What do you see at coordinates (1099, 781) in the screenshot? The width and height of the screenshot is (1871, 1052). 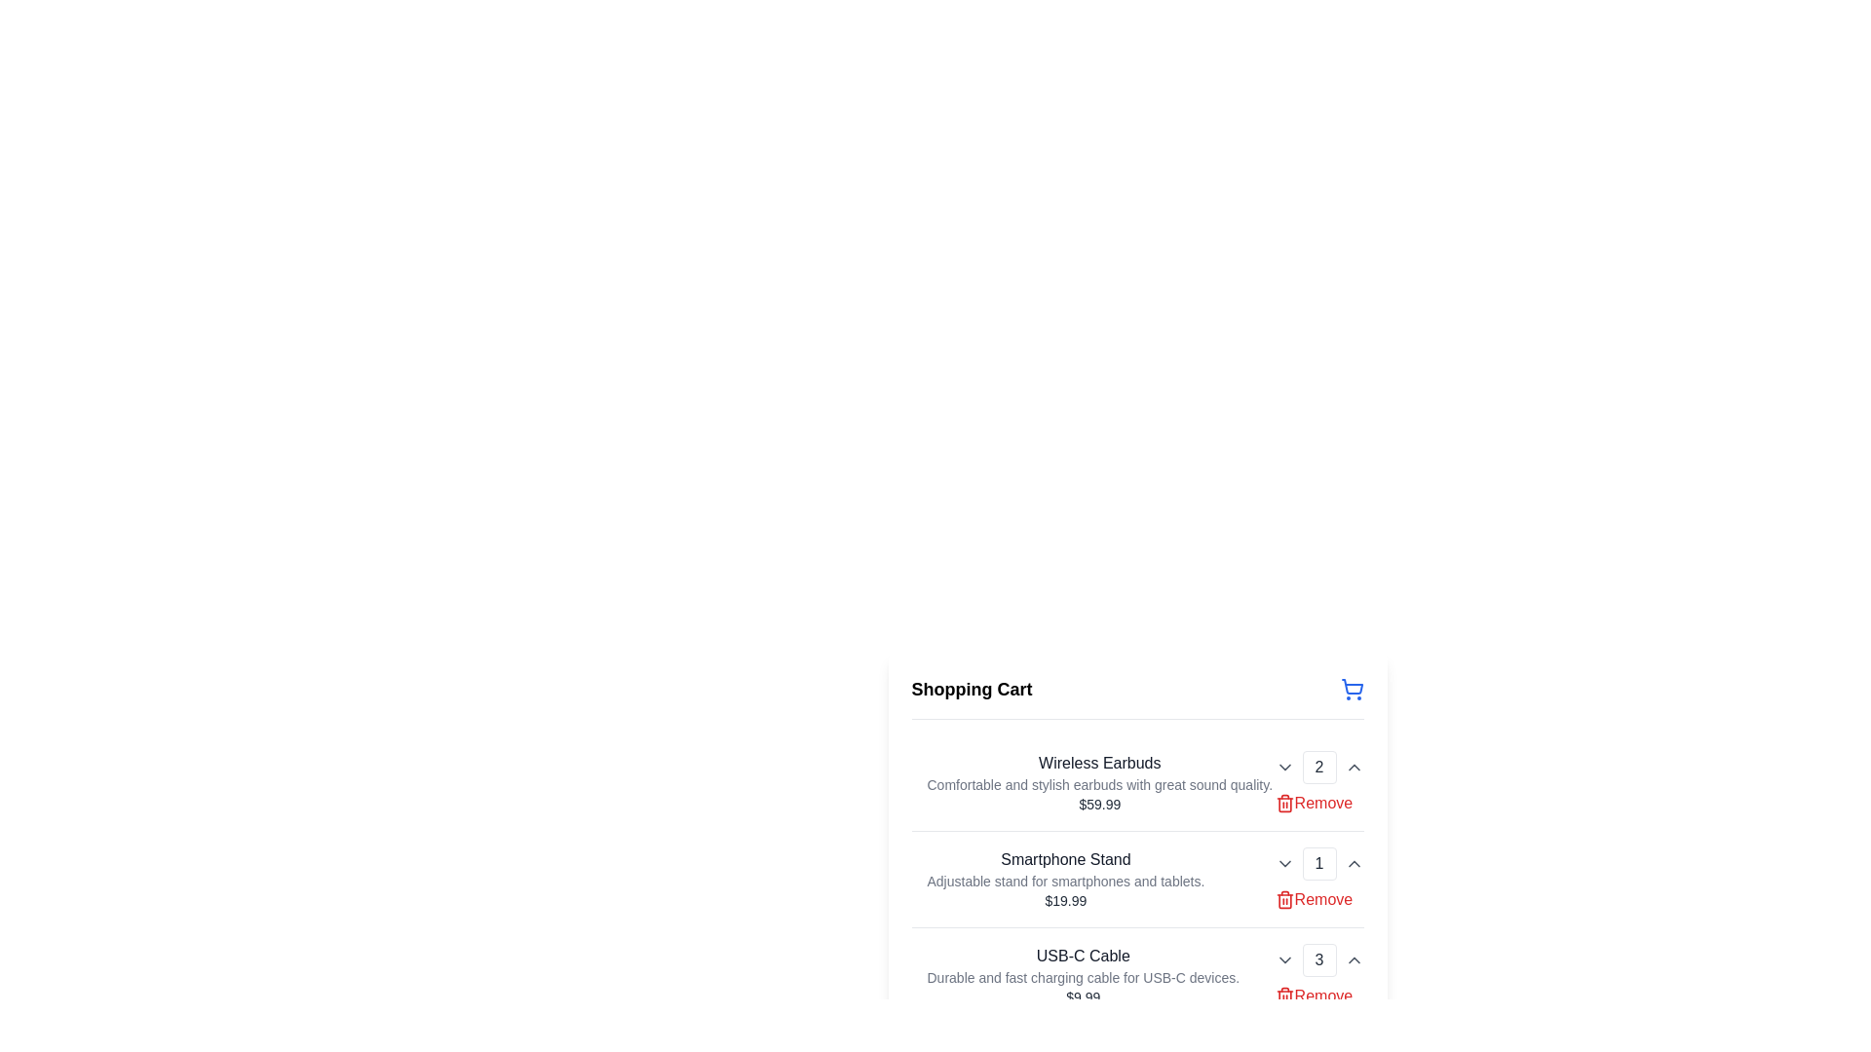 I see `details of the product entry for 'Wireless Earbuds' located in the shopping cart section, specifically within the first item in the list` at bounding box center [1099, 781].